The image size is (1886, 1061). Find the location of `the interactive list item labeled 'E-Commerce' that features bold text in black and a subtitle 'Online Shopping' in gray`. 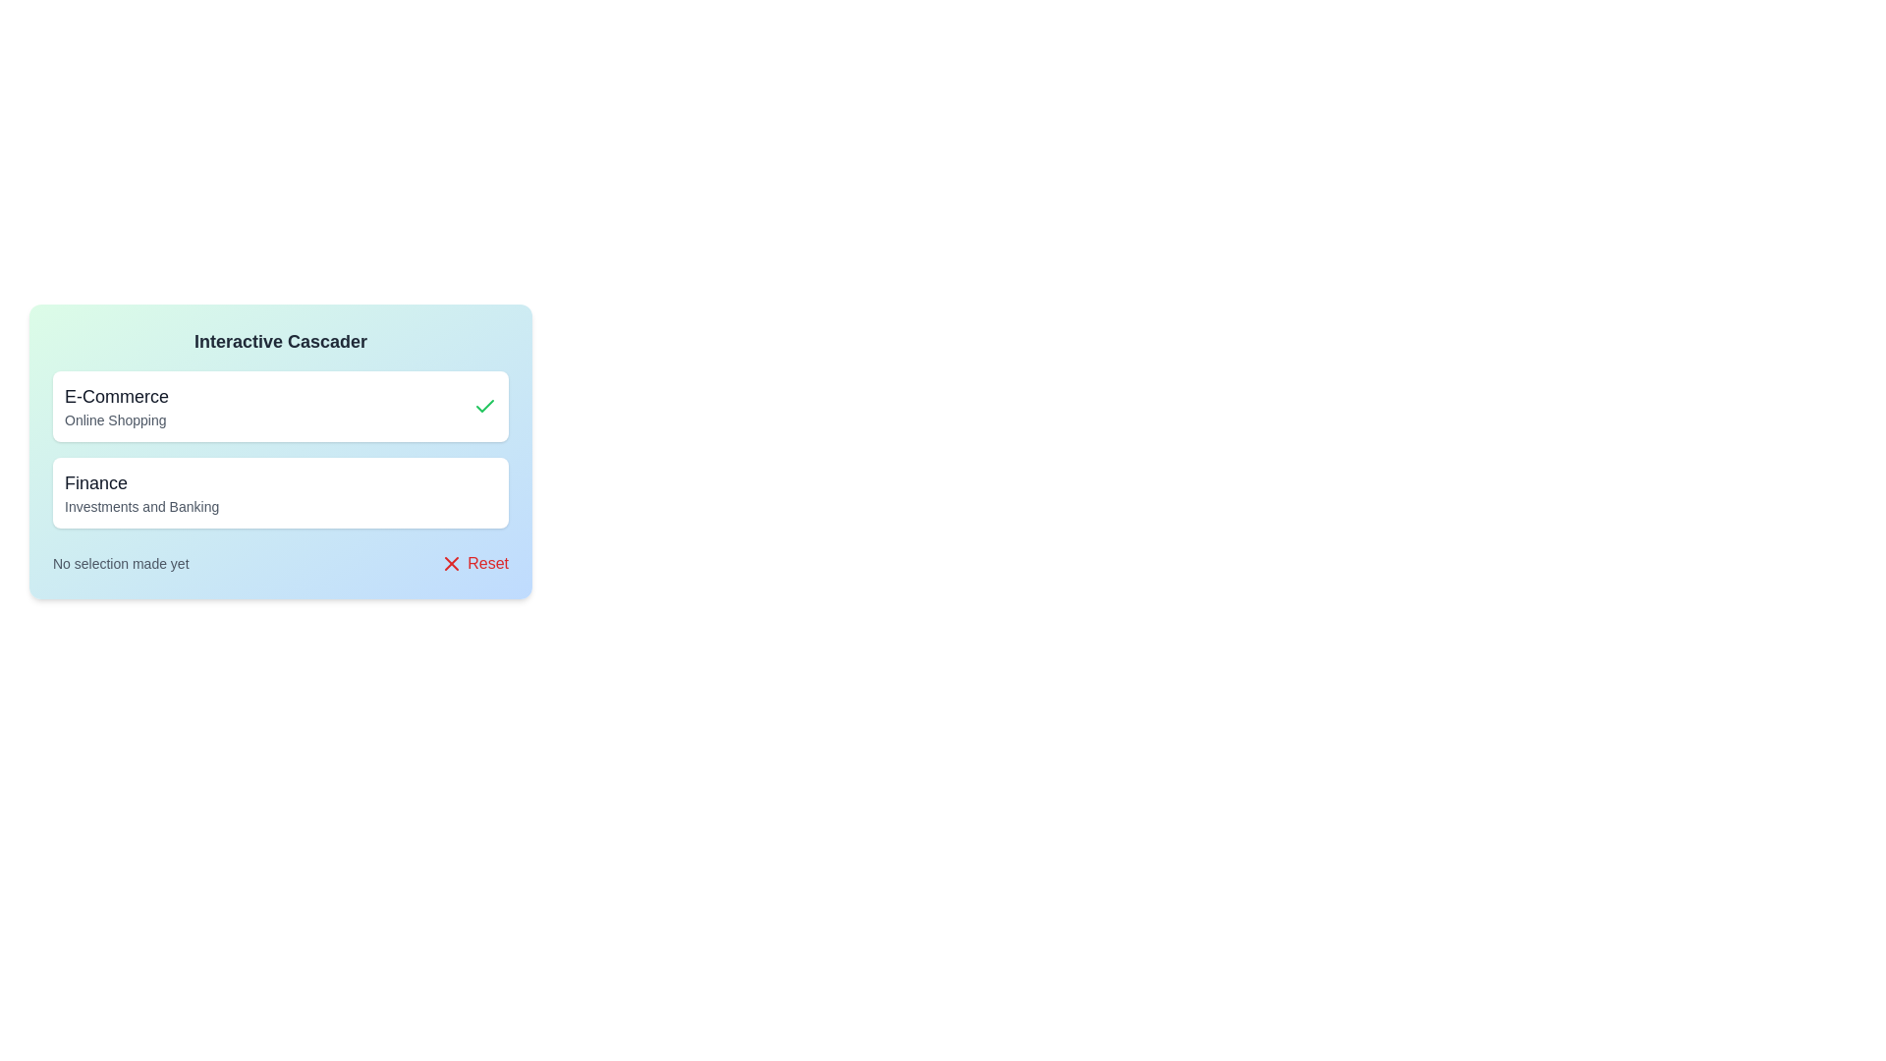

the interactive list item labeled 'E-Commerce' that features bold text in black and a subtitle 'Online Shopping' in gray is located at coordinates (116, 405).